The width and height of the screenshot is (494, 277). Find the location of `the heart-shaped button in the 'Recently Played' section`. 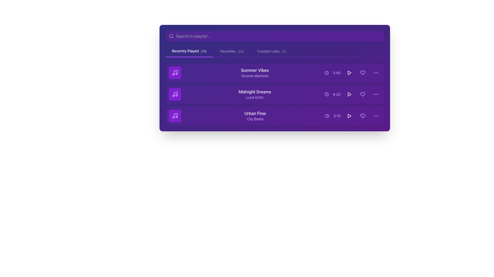

the heart-shaped button in the 'Recently Played' section is located at coordinates (362, 73).